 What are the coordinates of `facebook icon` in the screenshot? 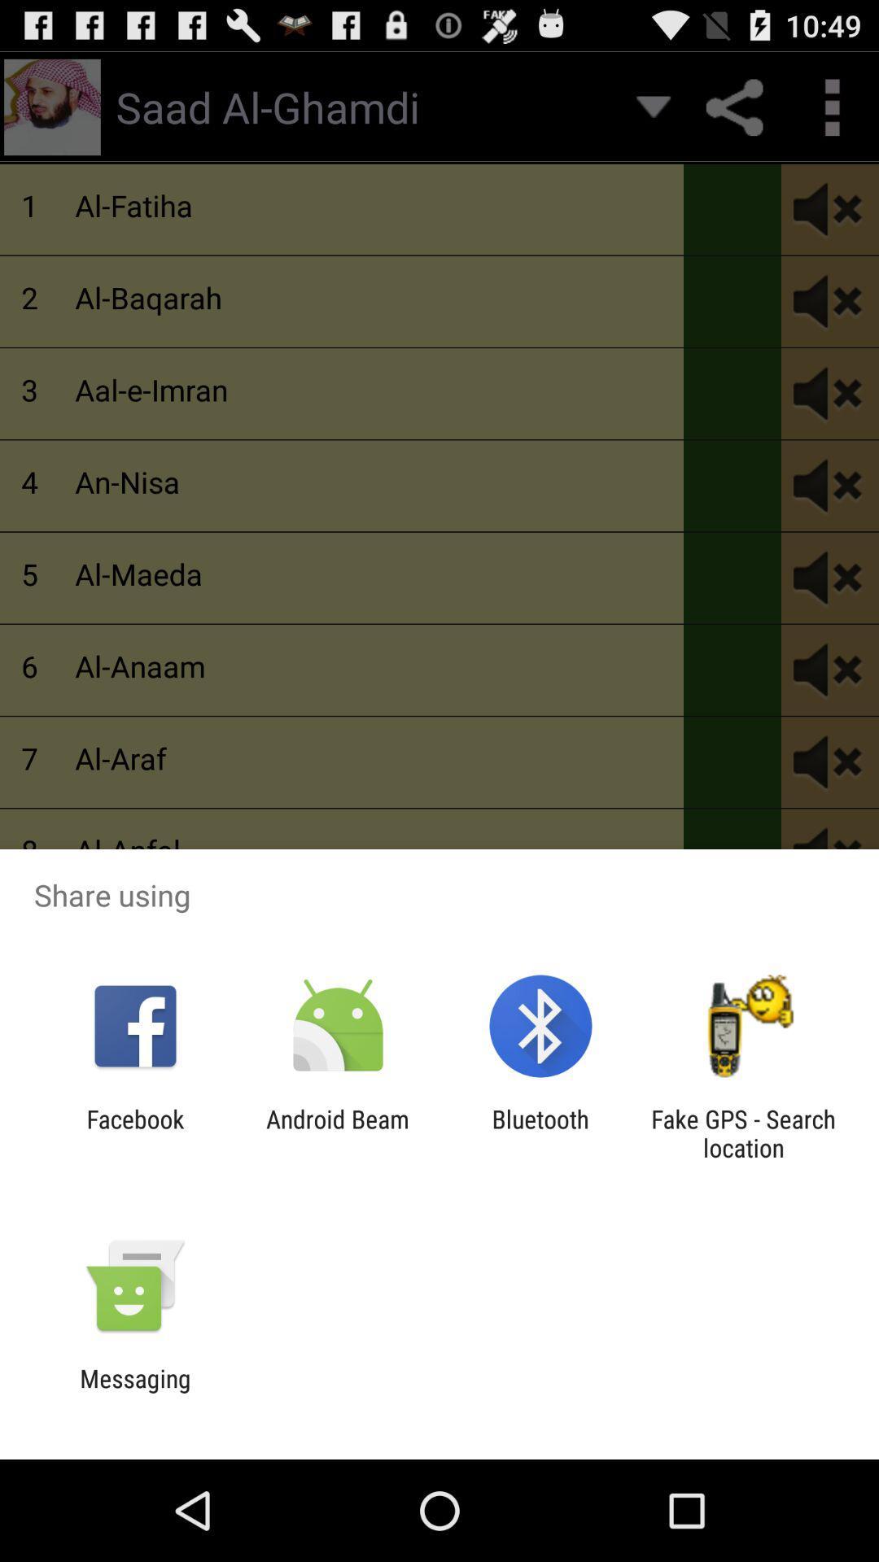 It's located at (134, 1132).